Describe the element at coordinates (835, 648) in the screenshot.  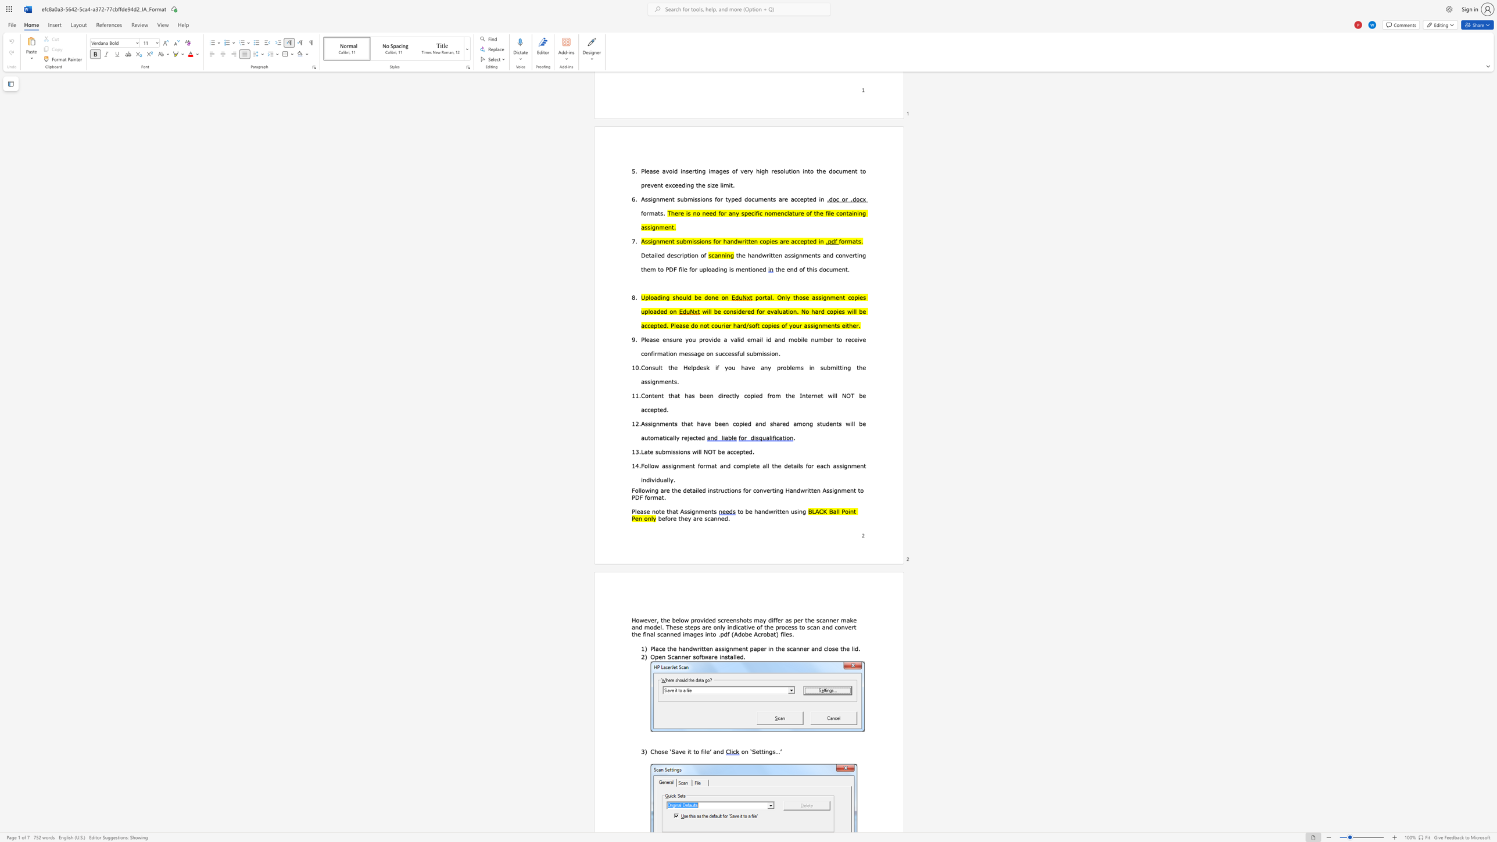
I see `the subset text "e t" within the text "Place the handwritten assignment paper in the scanner and close the lid."` at that location.